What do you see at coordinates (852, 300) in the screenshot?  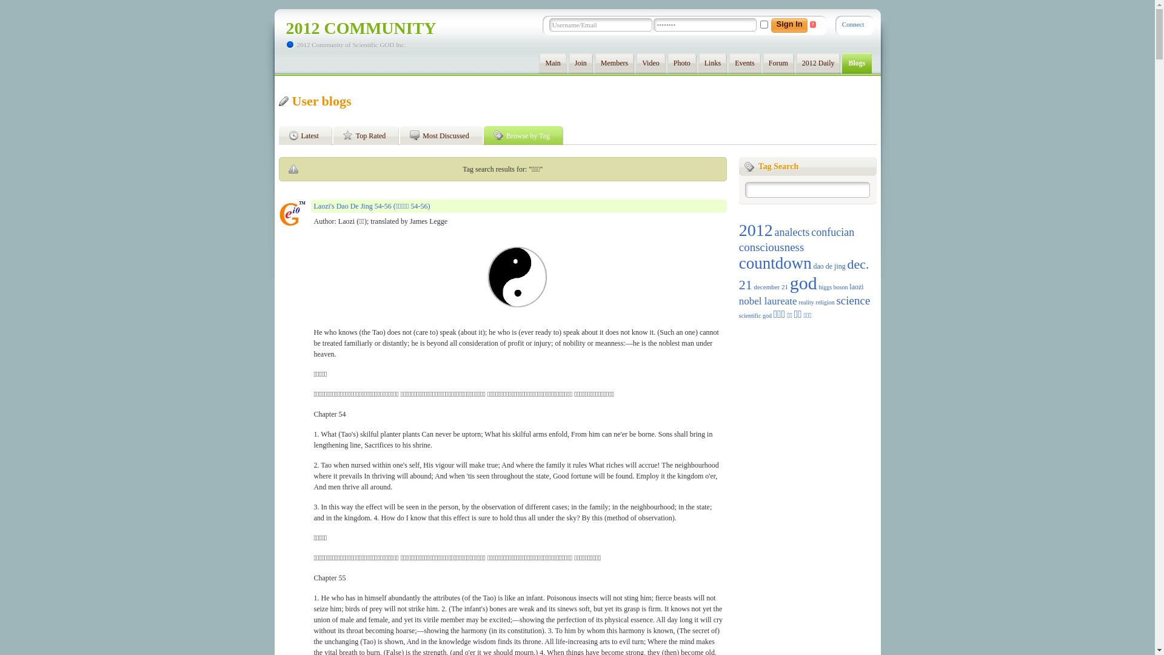 I see `'science'` at bounding box center [852, 300].